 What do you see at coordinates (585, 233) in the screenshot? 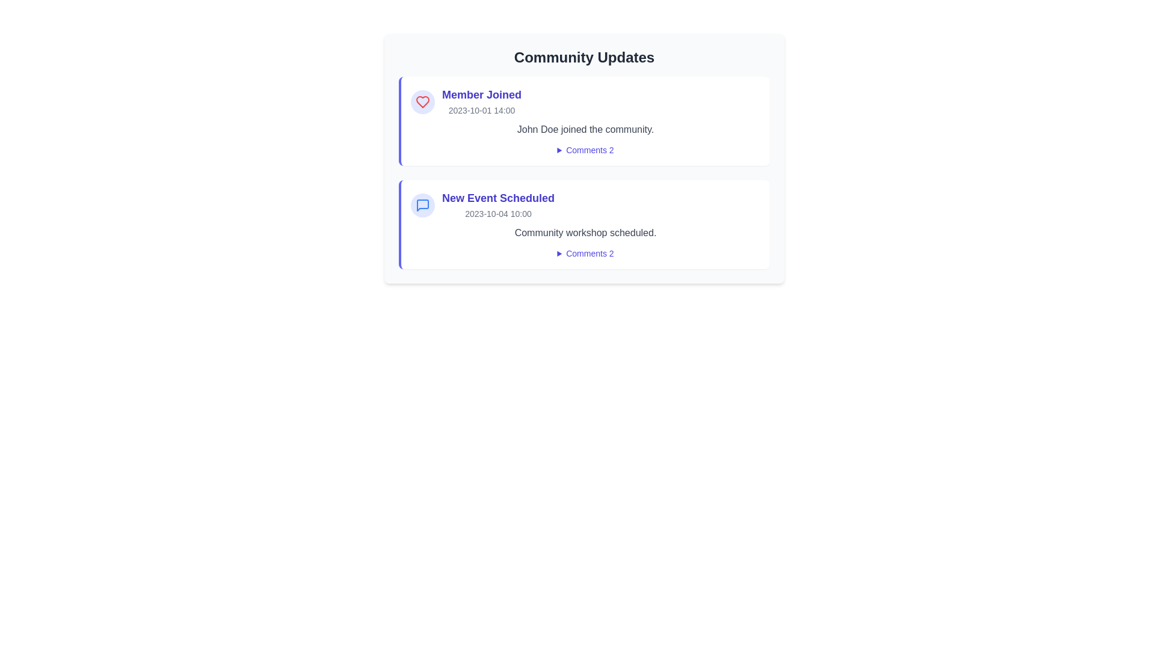
I see `the text label that says 'Community workshop scheduled.' located in the second card under the 'Community Updates' section` at bounding box center [585, 233].